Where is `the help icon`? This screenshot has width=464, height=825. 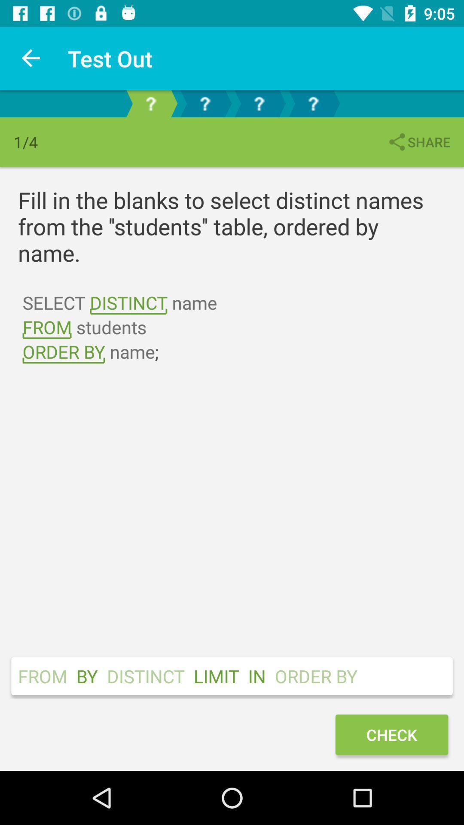 the help icon is located at coordinates (258, 103).